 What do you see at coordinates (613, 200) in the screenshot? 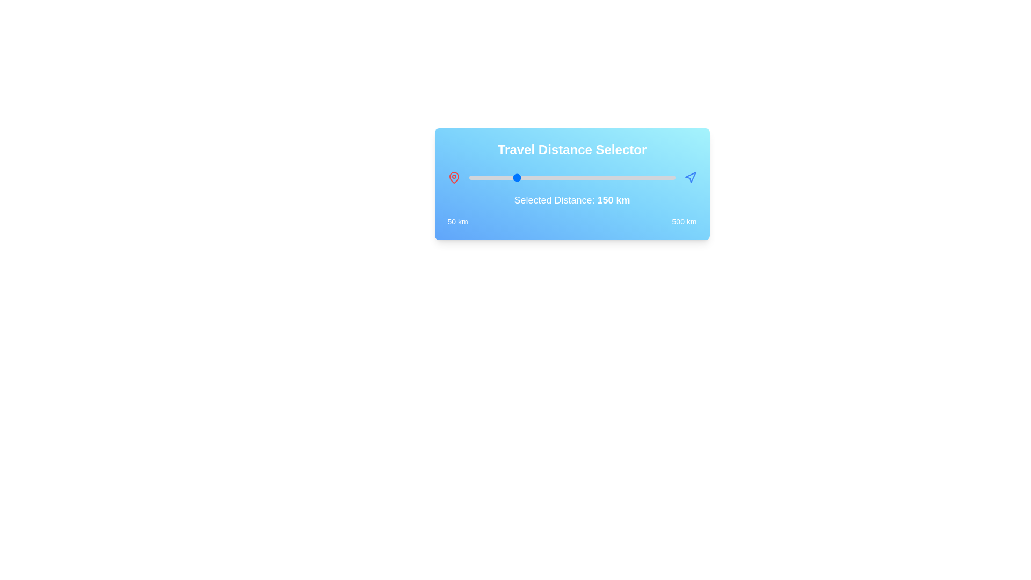
I see `the text displaying the selected distance by clicking on it` at bounding box center [613, 200].